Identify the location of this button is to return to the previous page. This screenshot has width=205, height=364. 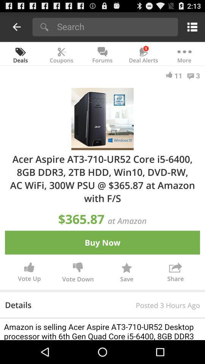
(17, 27).